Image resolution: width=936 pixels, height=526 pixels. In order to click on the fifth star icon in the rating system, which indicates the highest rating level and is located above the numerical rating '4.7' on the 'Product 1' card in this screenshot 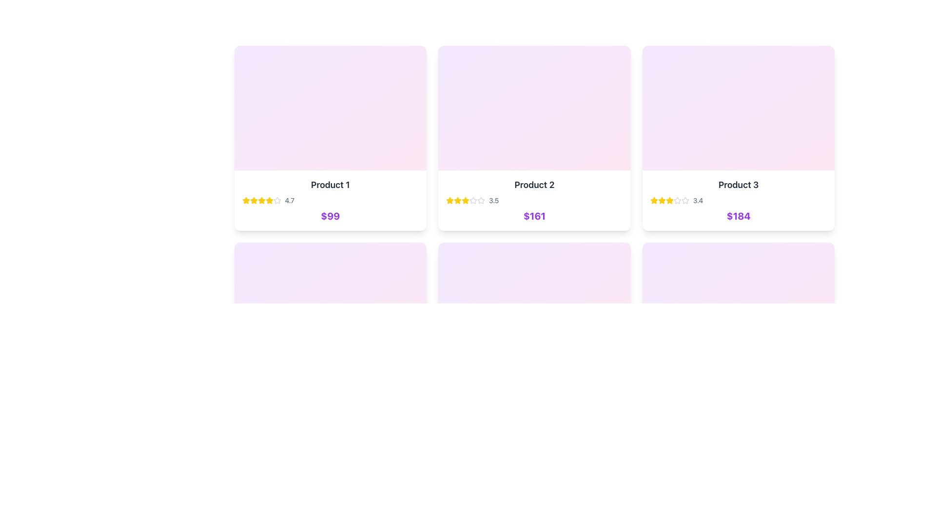, I will do `click(261, 200)`.